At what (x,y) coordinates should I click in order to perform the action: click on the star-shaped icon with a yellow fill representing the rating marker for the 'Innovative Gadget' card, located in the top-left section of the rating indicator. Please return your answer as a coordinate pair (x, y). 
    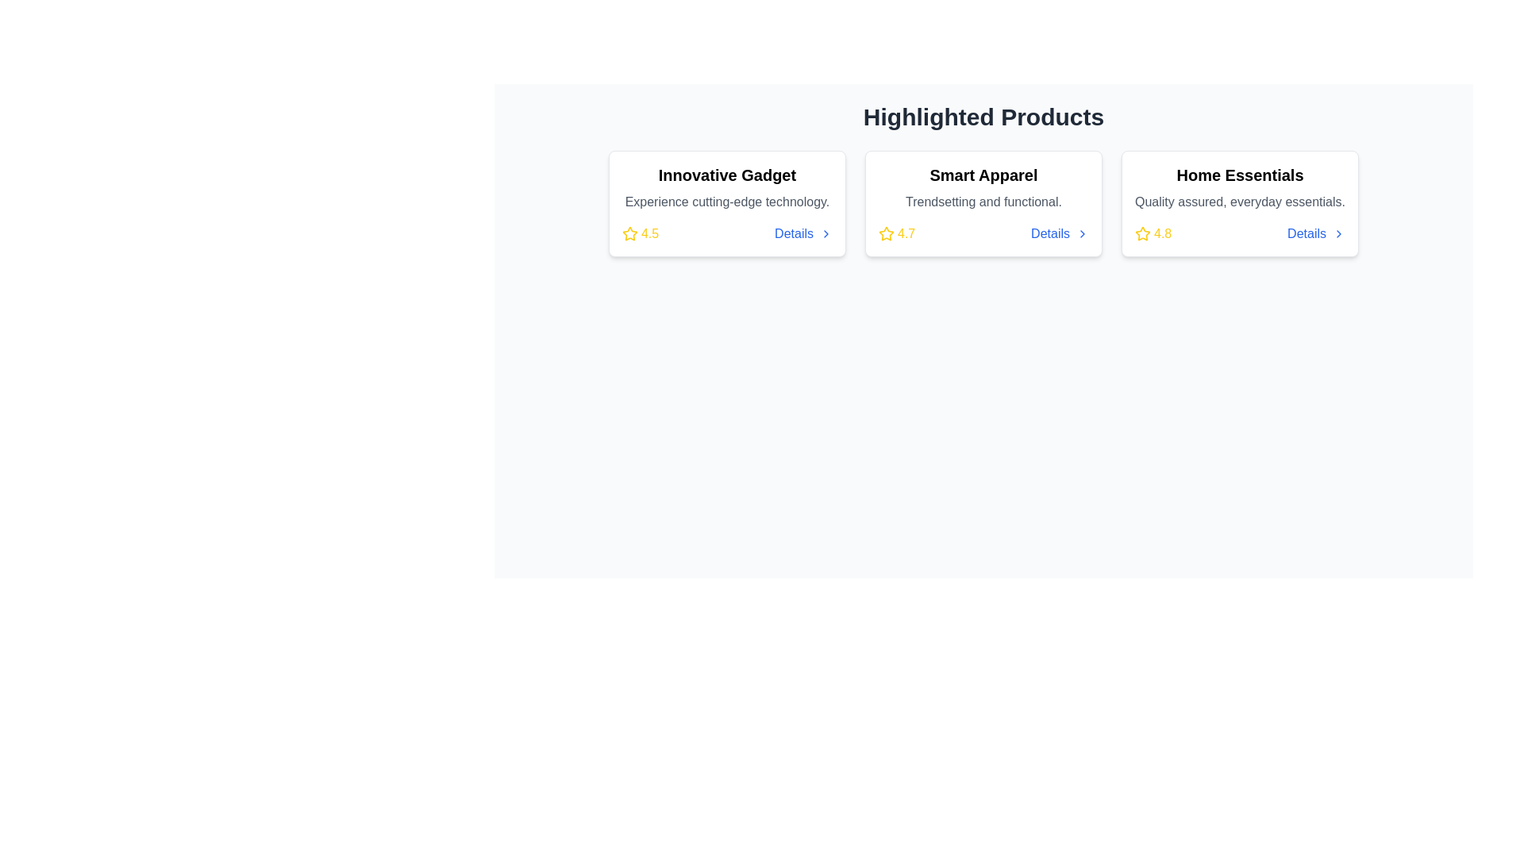
    Looking at the image, I should click on (629, 233).